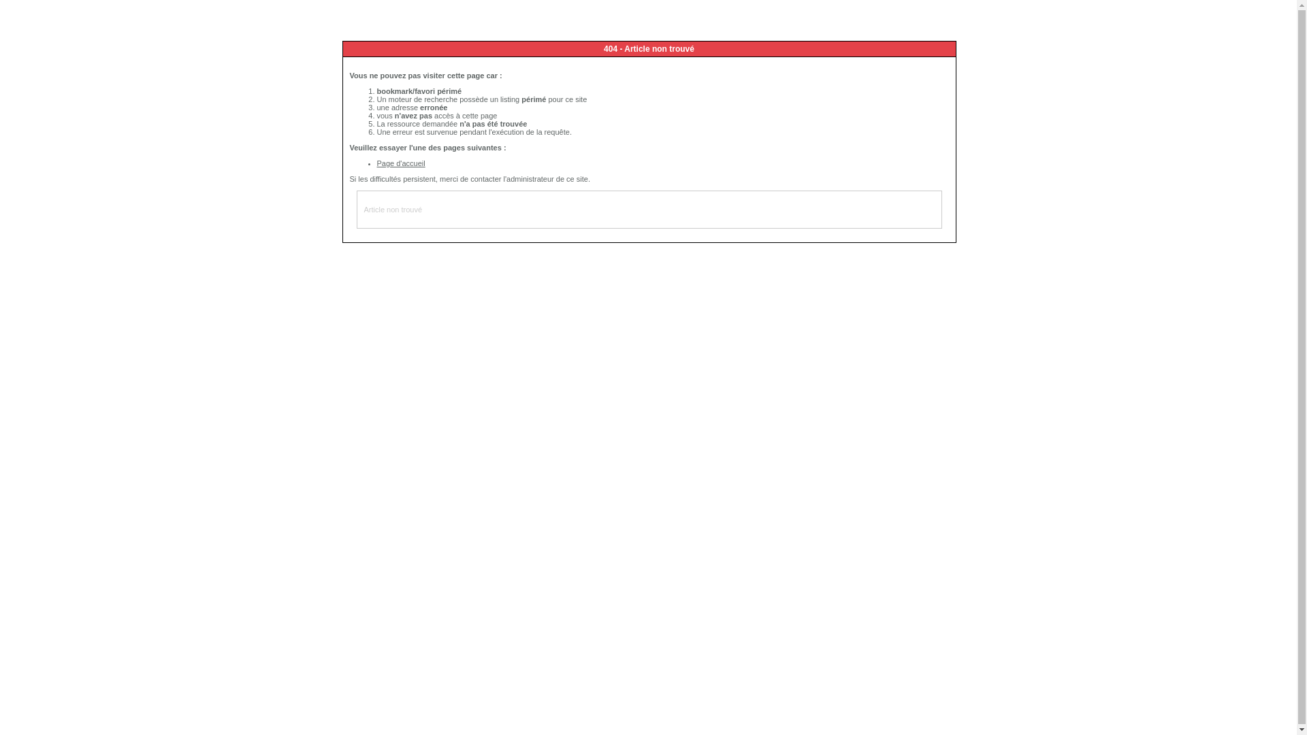  Describe the element at coordinates (400, 162) in the screenshot. I see `'Page d'accueil'` at that location.